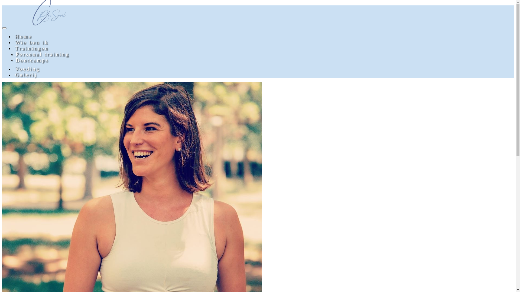 This screenshot has height=292, width=520. Describe the element at coordinates (27, 68) in the screenshot. I see `'Voeding'` at that location.